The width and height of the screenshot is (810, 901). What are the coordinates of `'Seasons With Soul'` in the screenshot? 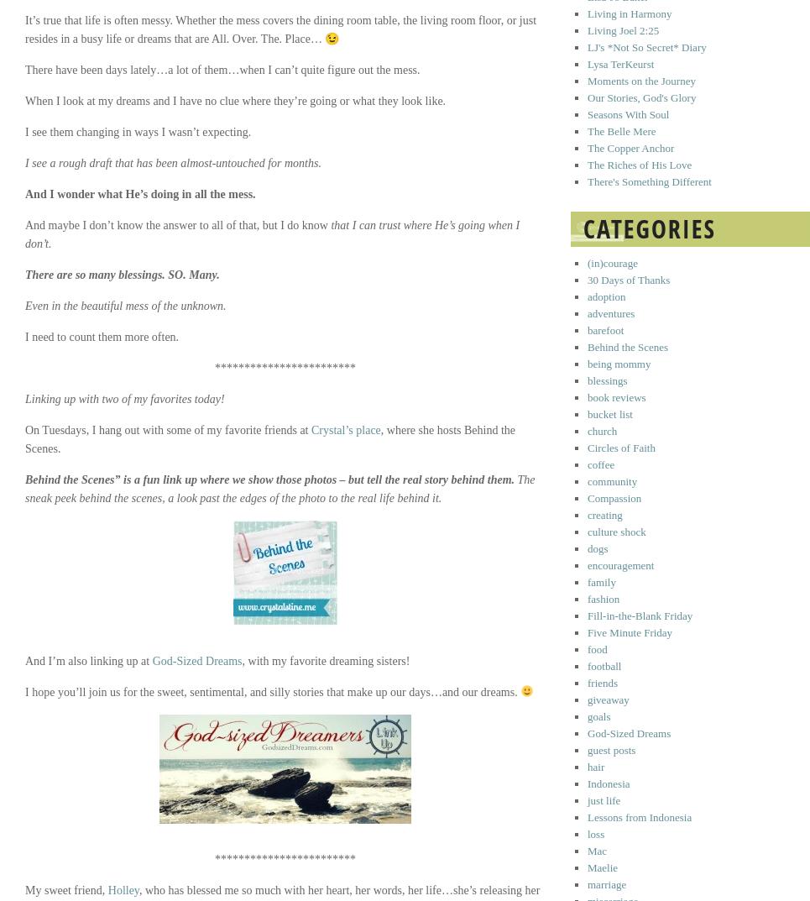 It's located at (627, 113).